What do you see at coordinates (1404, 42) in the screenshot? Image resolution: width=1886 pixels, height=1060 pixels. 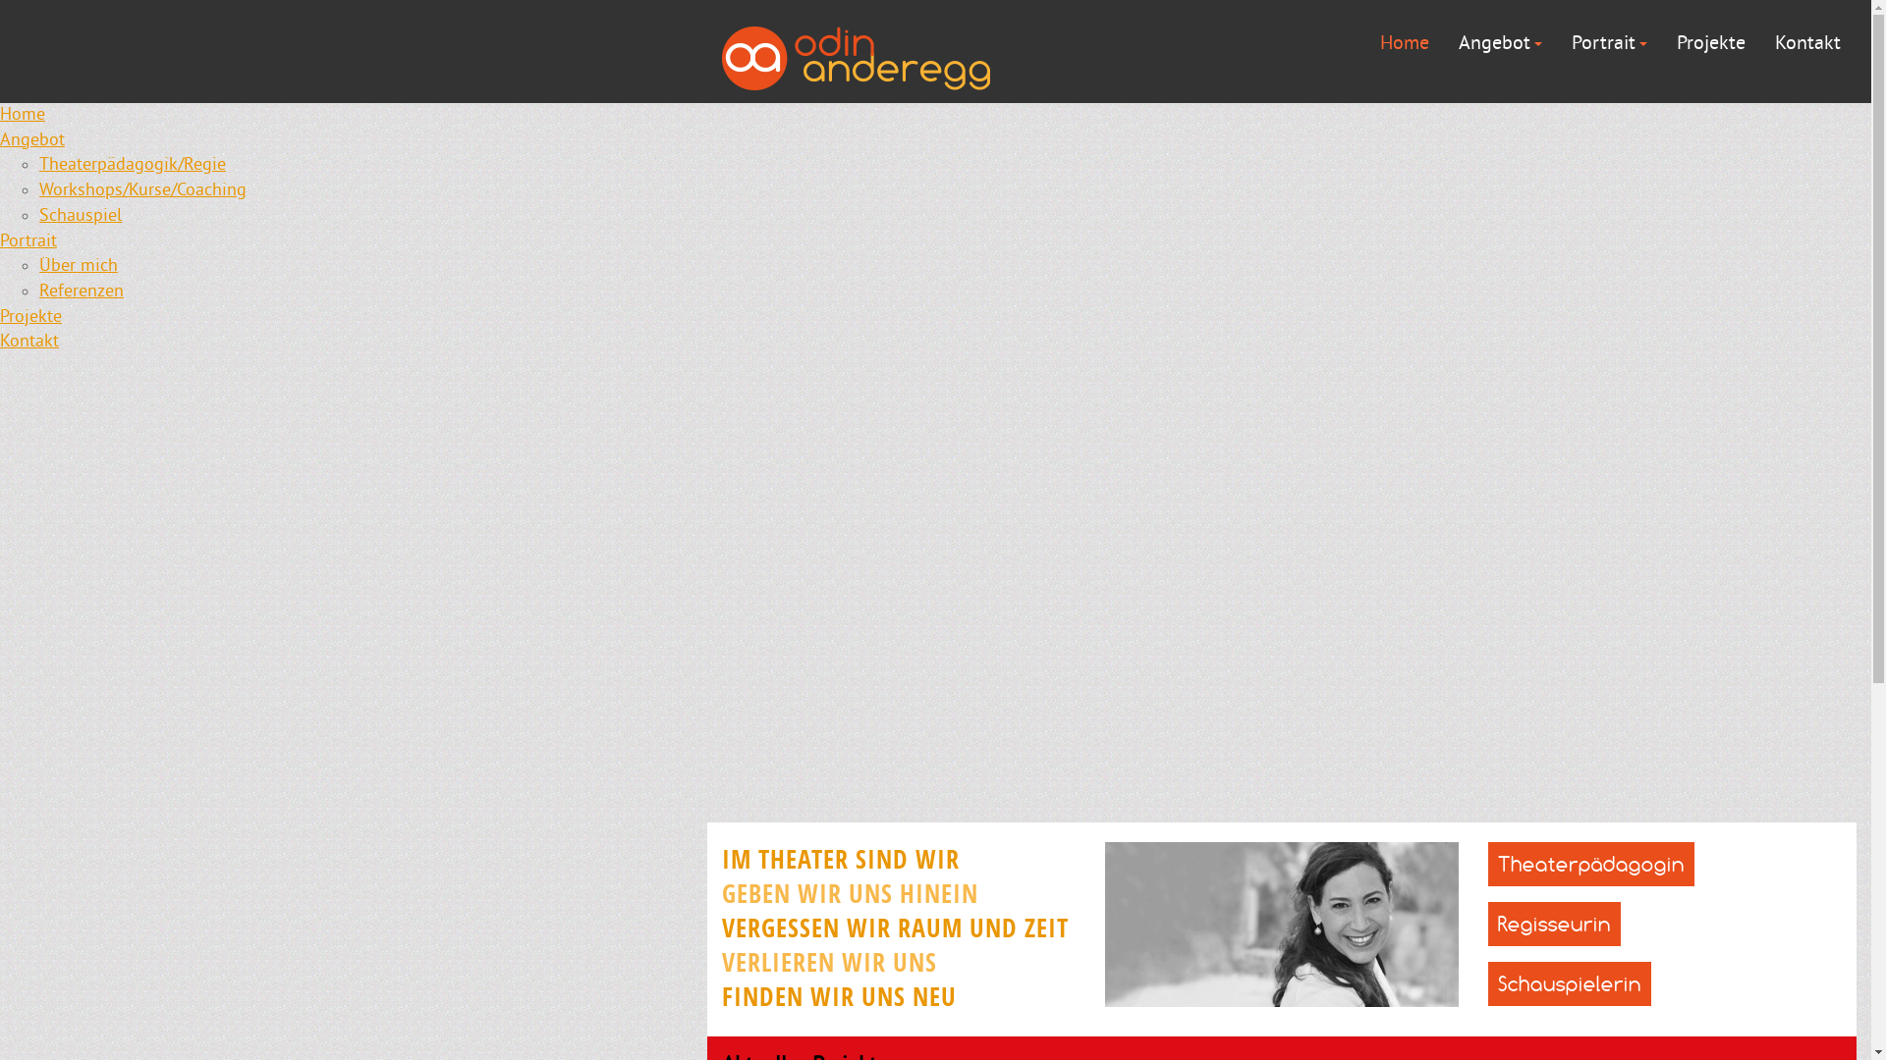 I see `'Home'` at bounding box center [1404, 42].